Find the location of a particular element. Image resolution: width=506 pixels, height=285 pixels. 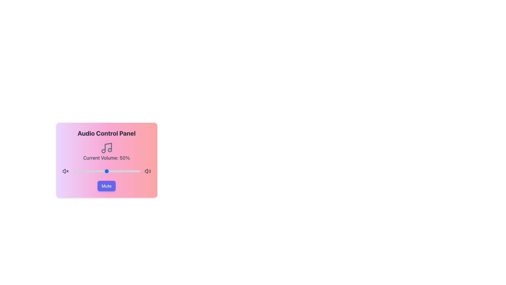

the volume is located at coordinates (94, 171).